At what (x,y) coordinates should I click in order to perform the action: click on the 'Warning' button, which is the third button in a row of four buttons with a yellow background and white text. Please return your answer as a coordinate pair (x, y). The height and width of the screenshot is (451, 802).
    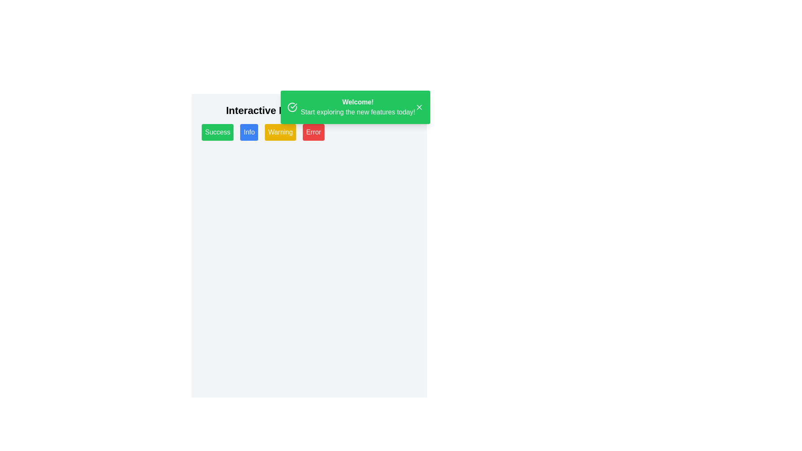
    Looking at the image, I should click on (280, 132).